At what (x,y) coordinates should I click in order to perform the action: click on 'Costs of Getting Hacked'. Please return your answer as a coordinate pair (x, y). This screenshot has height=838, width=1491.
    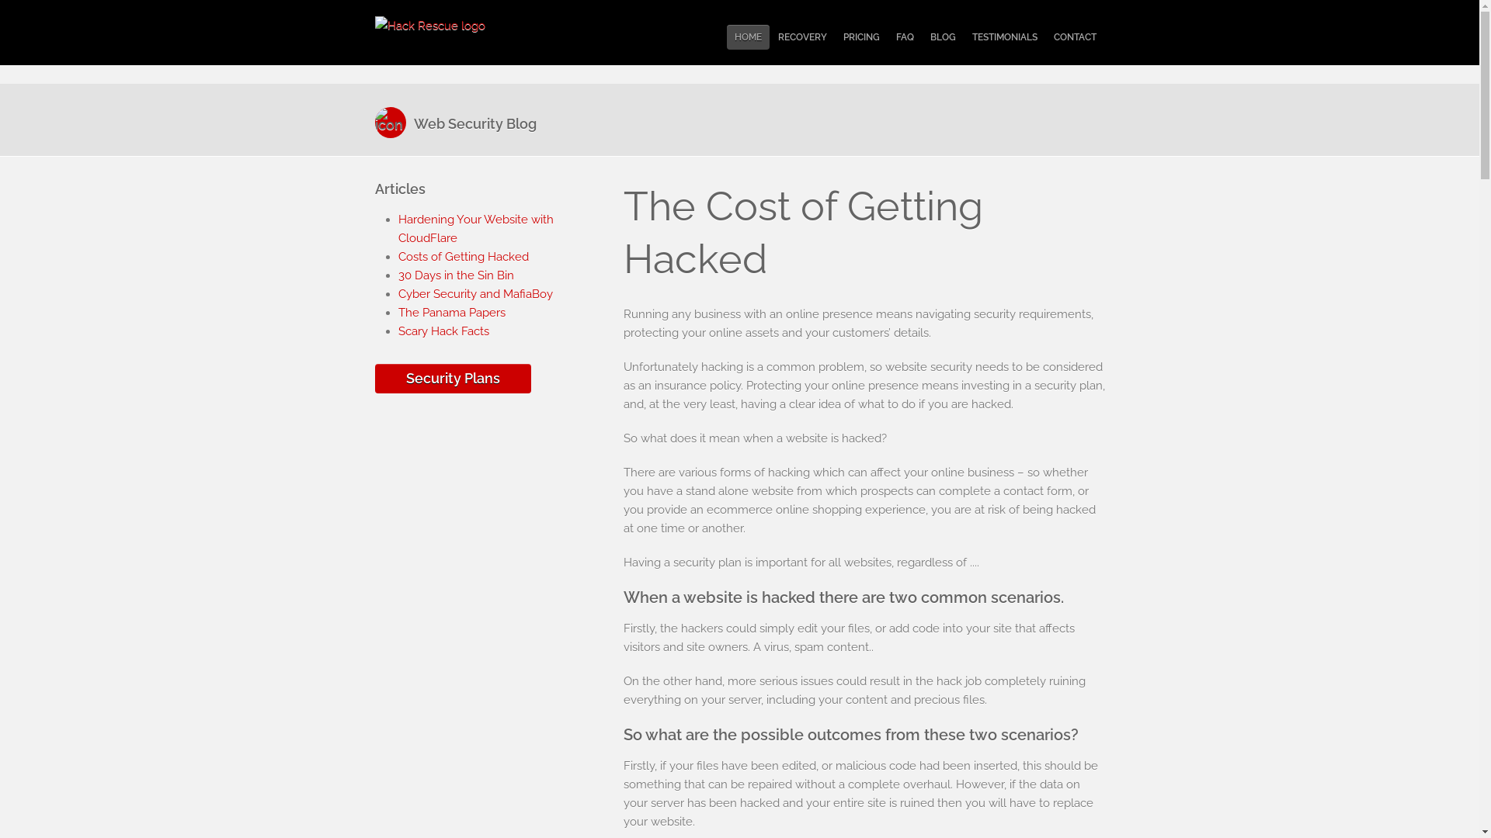
    Looking at the image, I should click on (461, 256).